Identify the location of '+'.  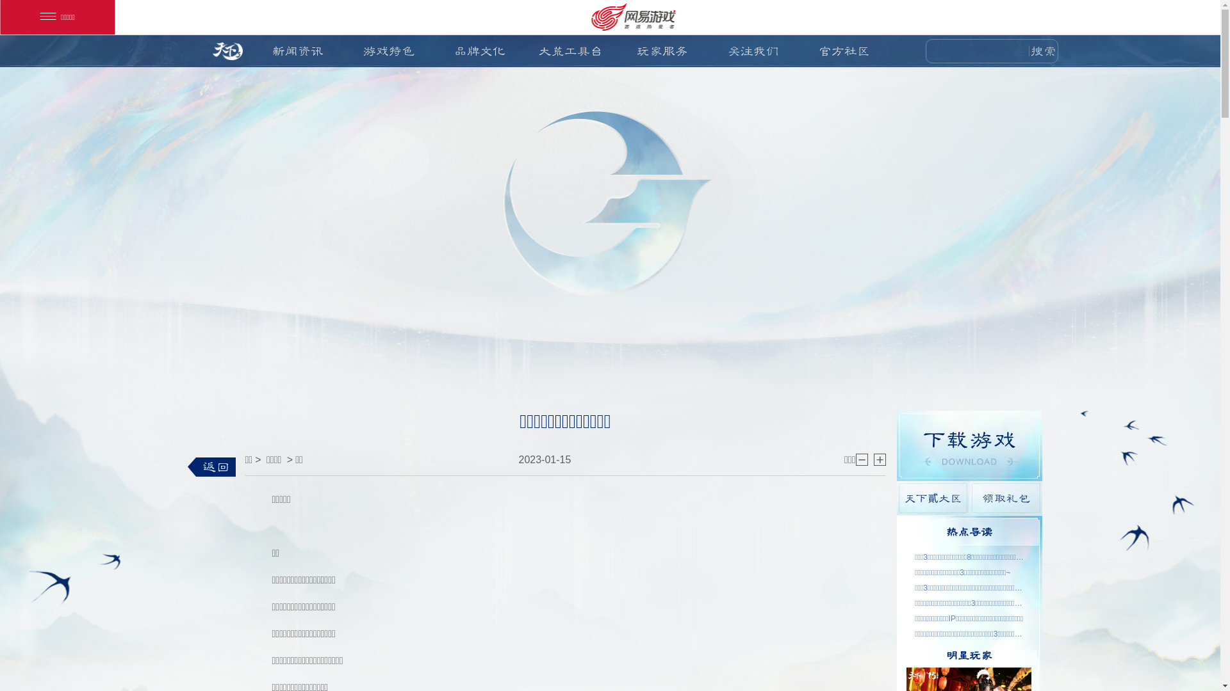
(879, 459).